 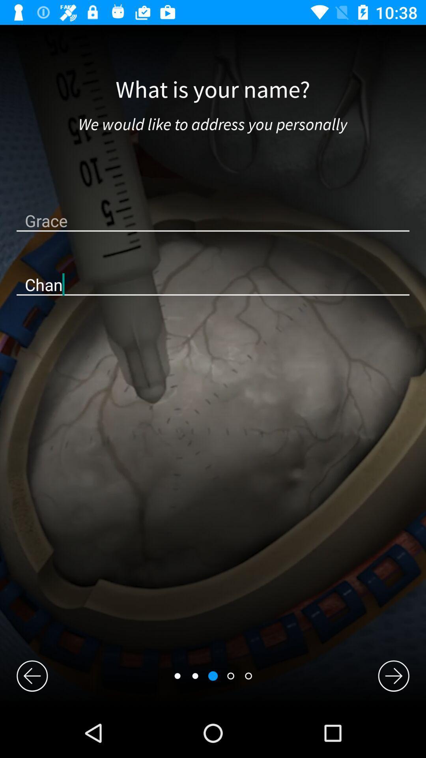 What do you see at coordinates (213, 220) in the screenshot?
I see `the icon above chan item` at bounding box center [213, 220].